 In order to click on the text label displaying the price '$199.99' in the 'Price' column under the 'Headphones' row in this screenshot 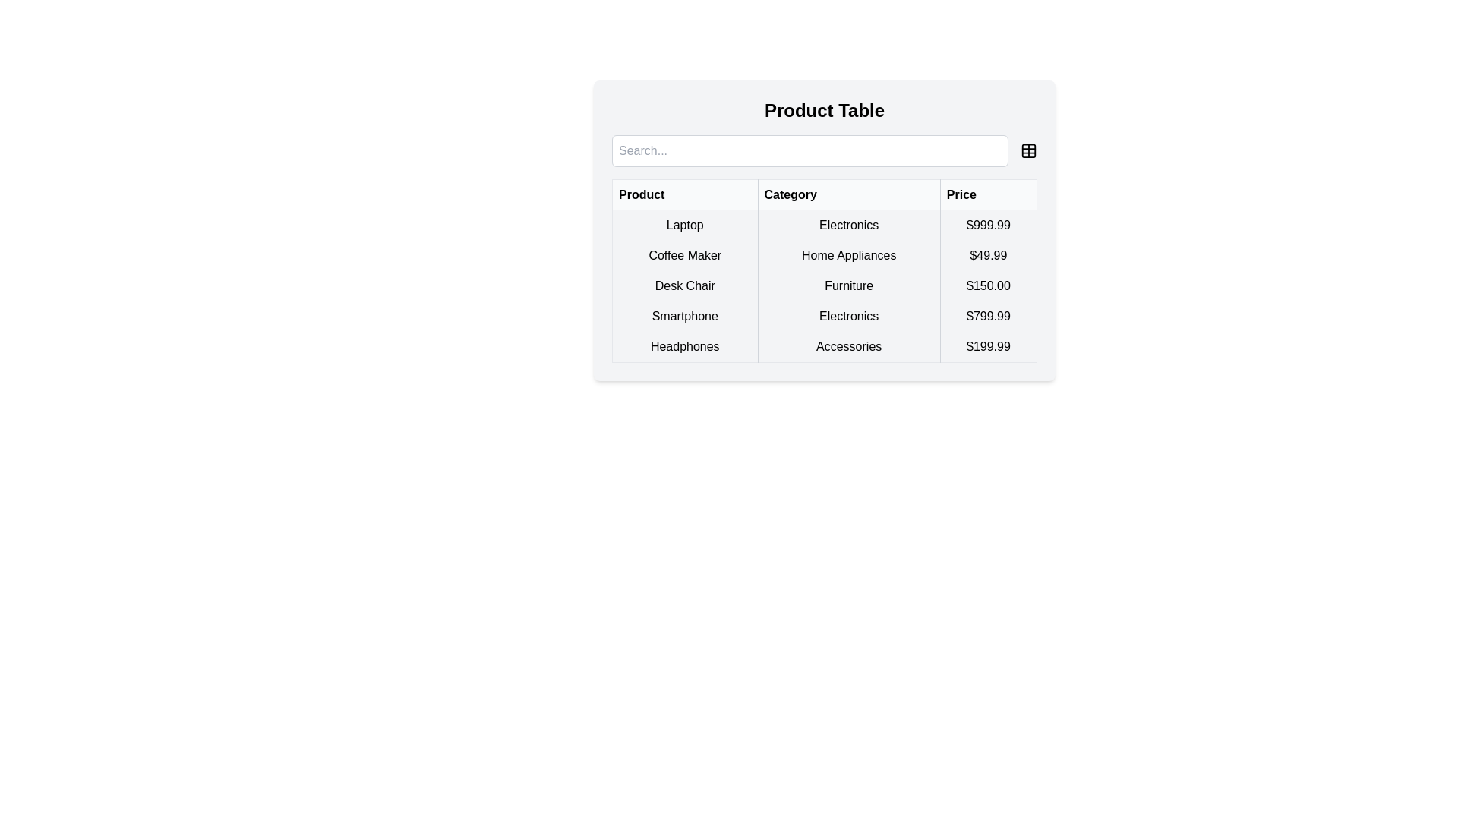, I will do `click(988, 347)`.